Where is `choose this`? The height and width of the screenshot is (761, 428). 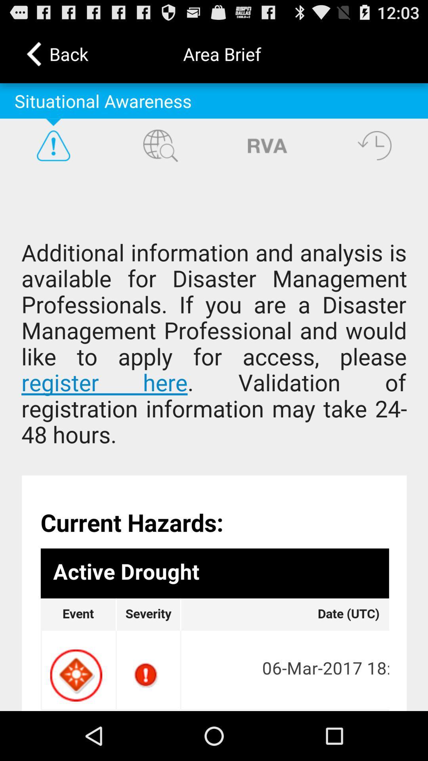 choose this is located at coordinates (214, 441).